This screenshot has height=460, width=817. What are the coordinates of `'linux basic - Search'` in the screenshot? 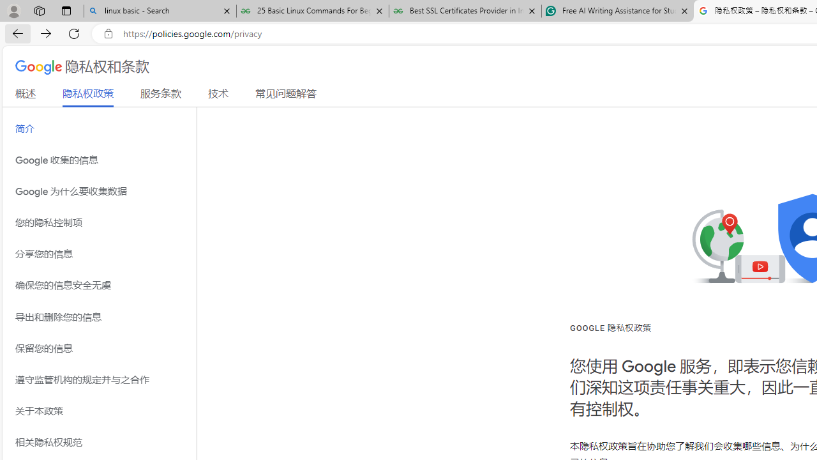 It's located at (159, 11).